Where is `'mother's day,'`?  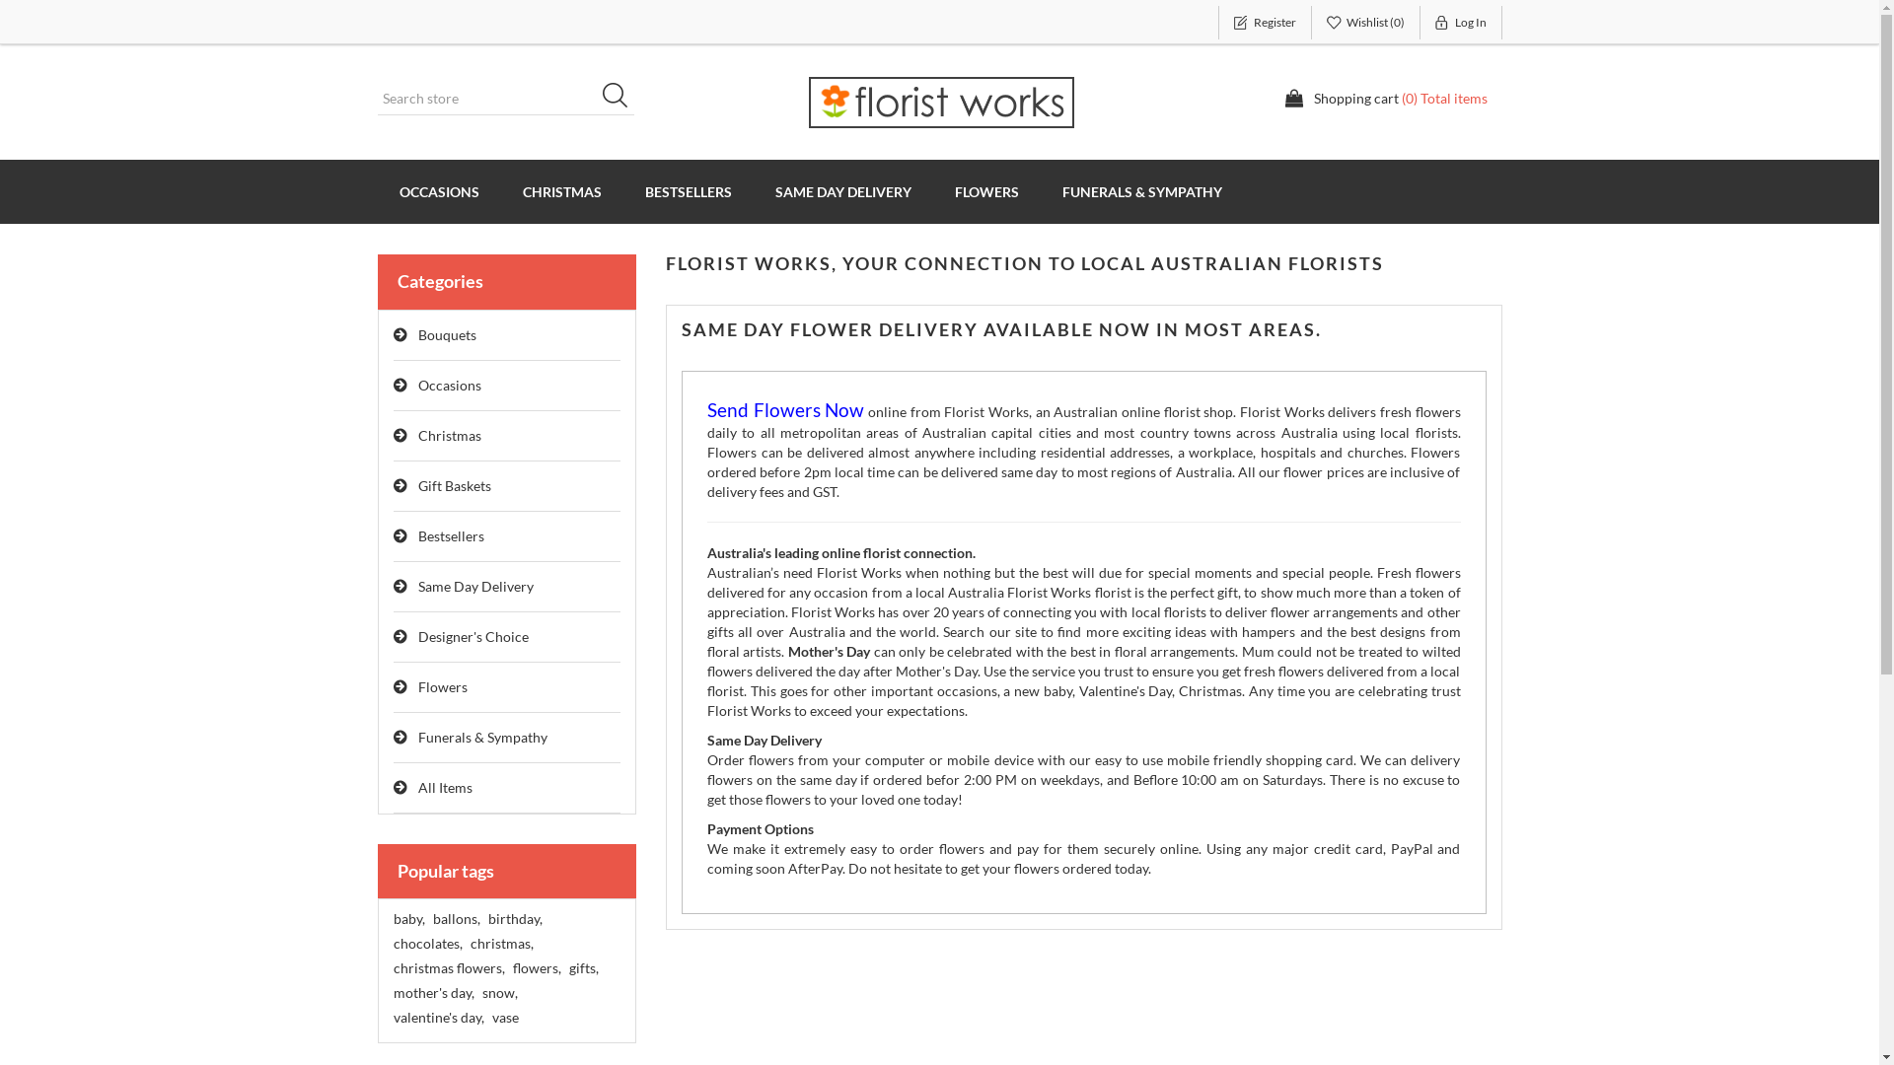
'mother's day,' is located at coordinates (431, 992).